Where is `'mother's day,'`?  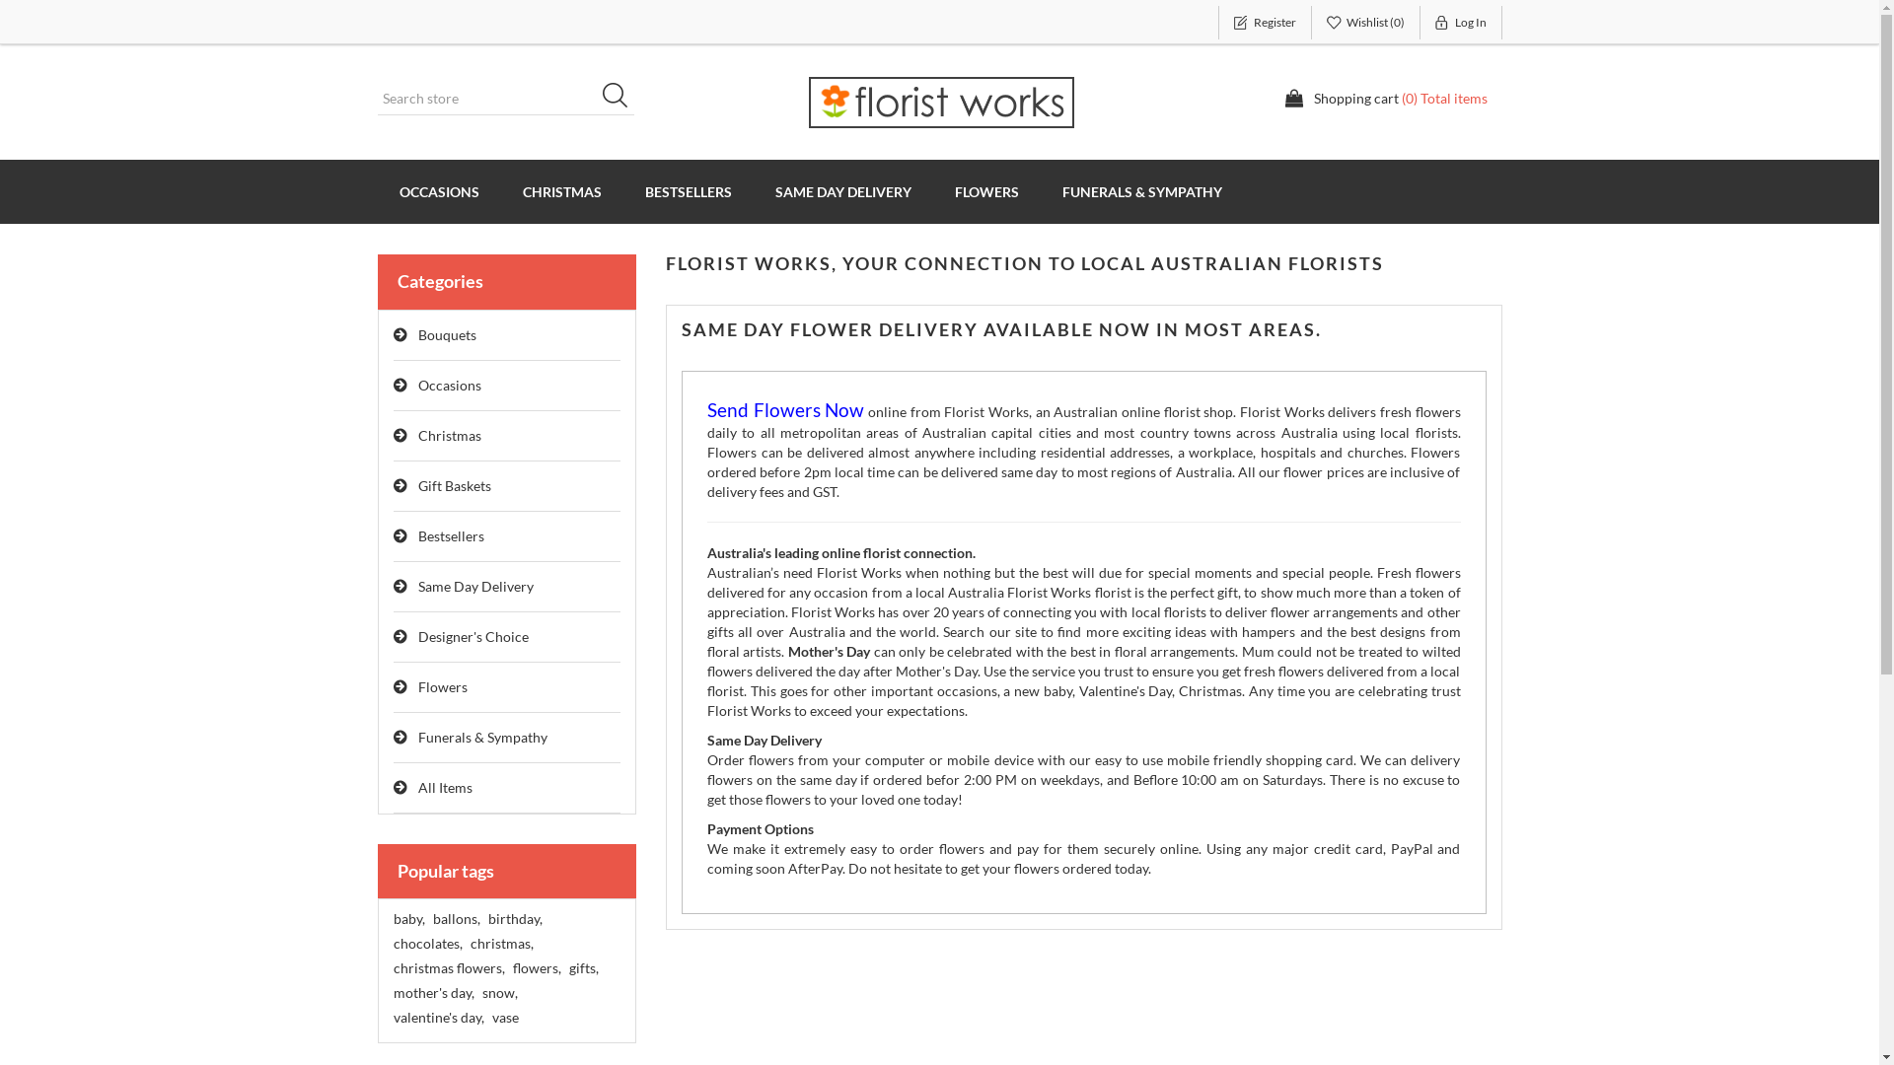
'mother's day,' is located at coordinates (431, 992).